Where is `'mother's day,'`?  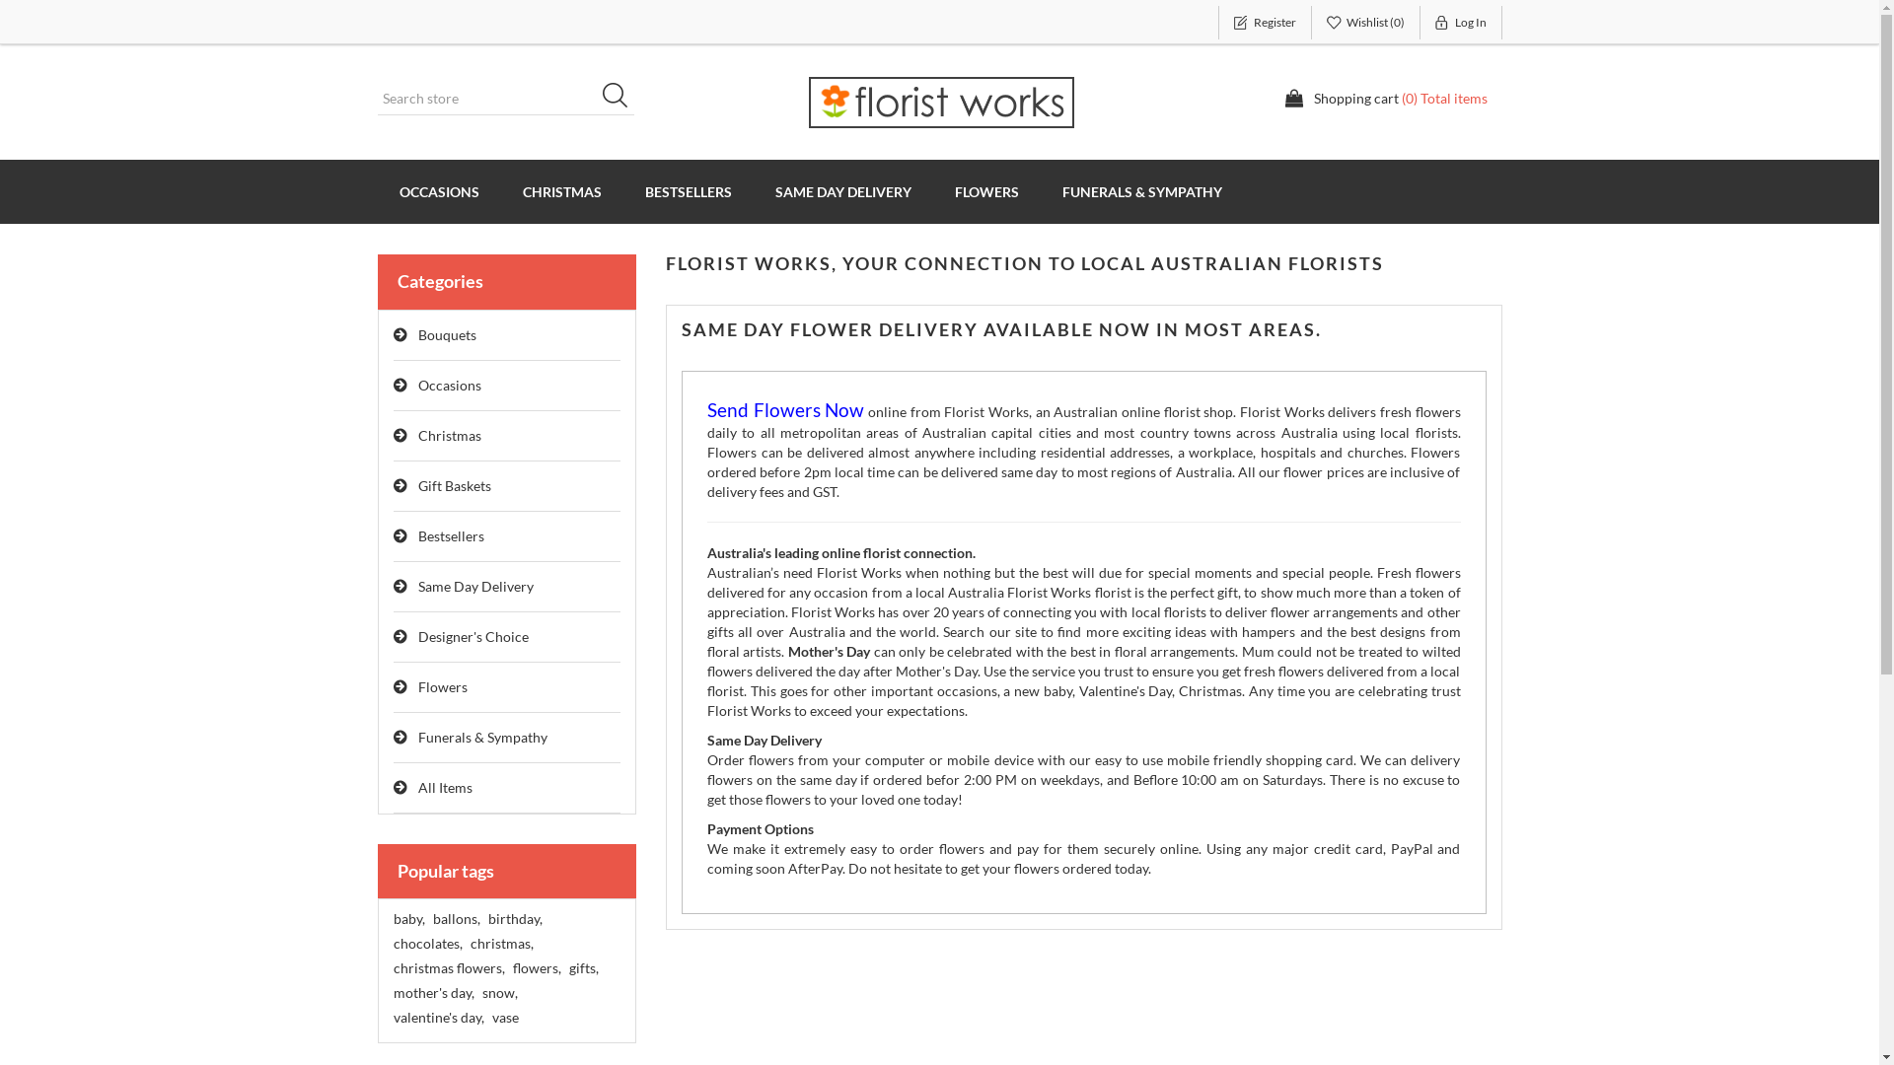
'mother's day,' is located at coordinates (431, 992).